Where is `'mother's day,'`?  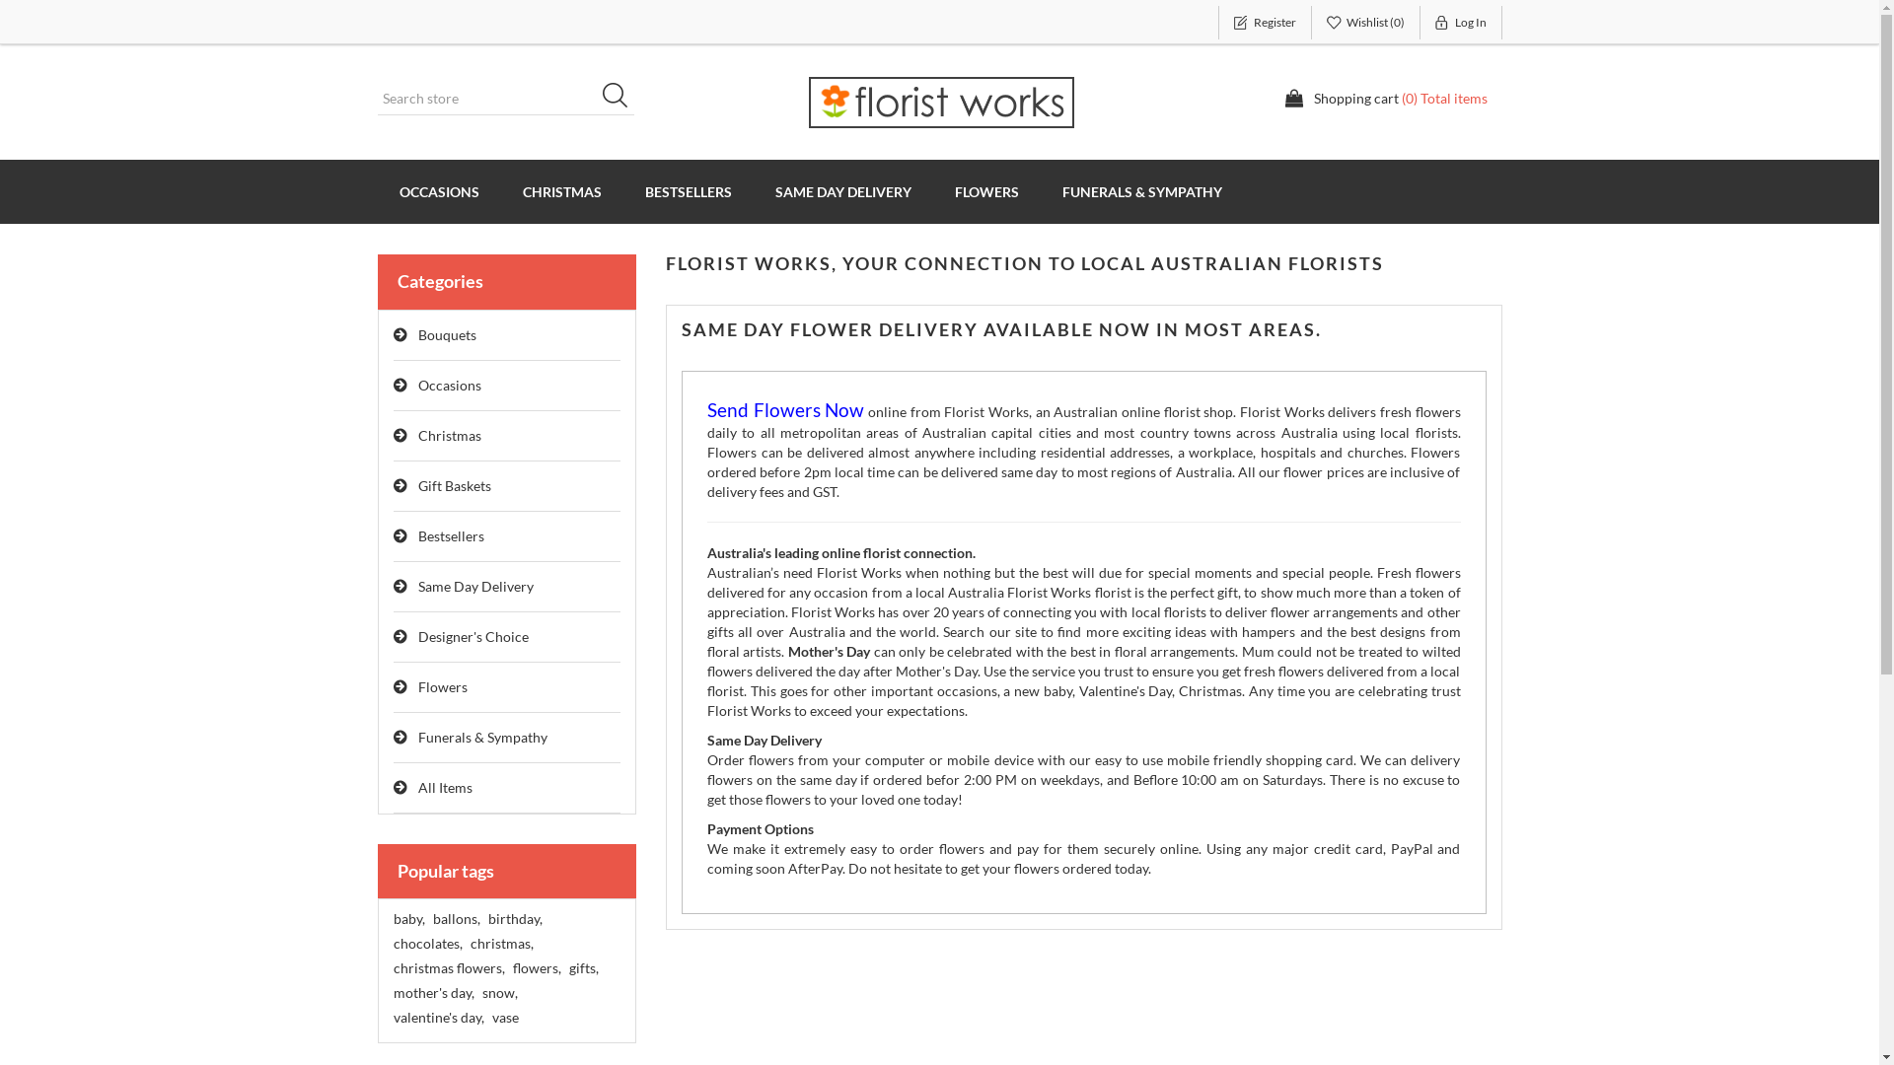
'mother's day,' is located at coordinates (431, 992).